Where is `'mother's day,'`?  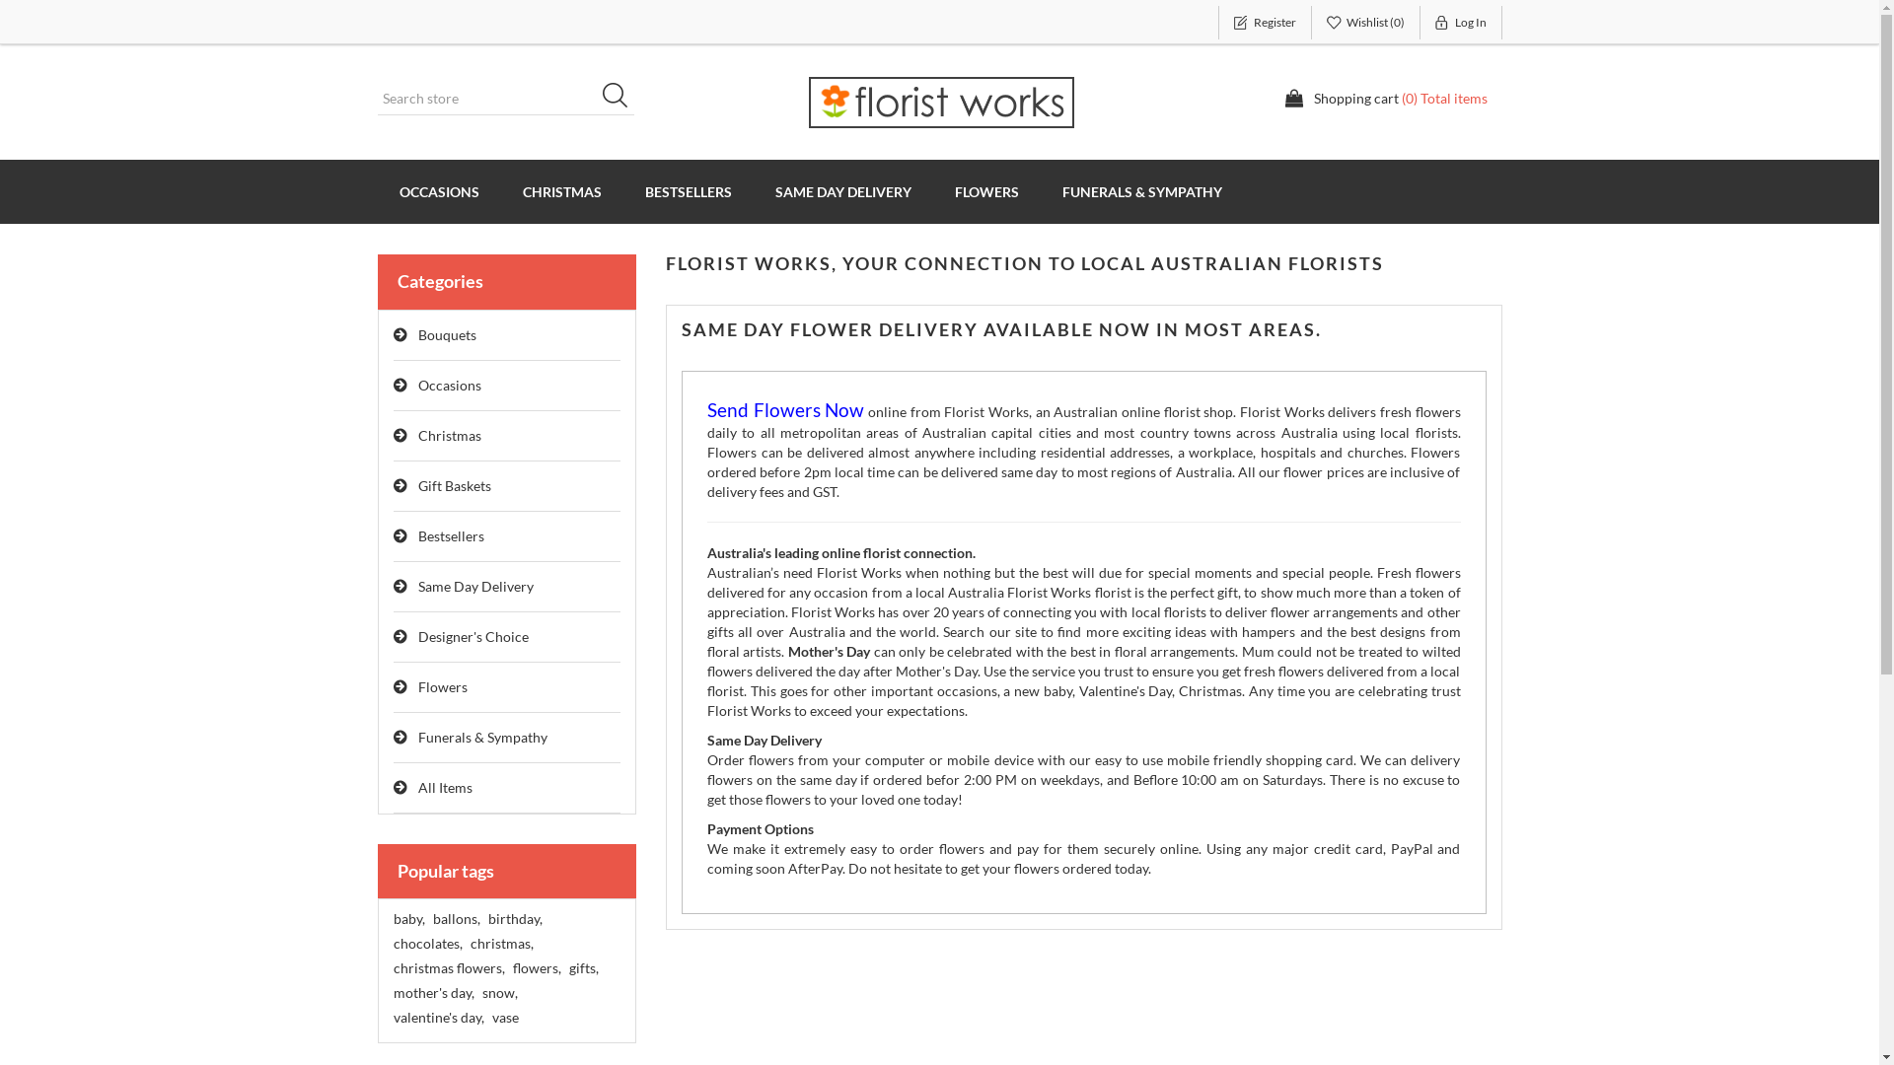
'mother's day,' is located at coordinates (431, 992).